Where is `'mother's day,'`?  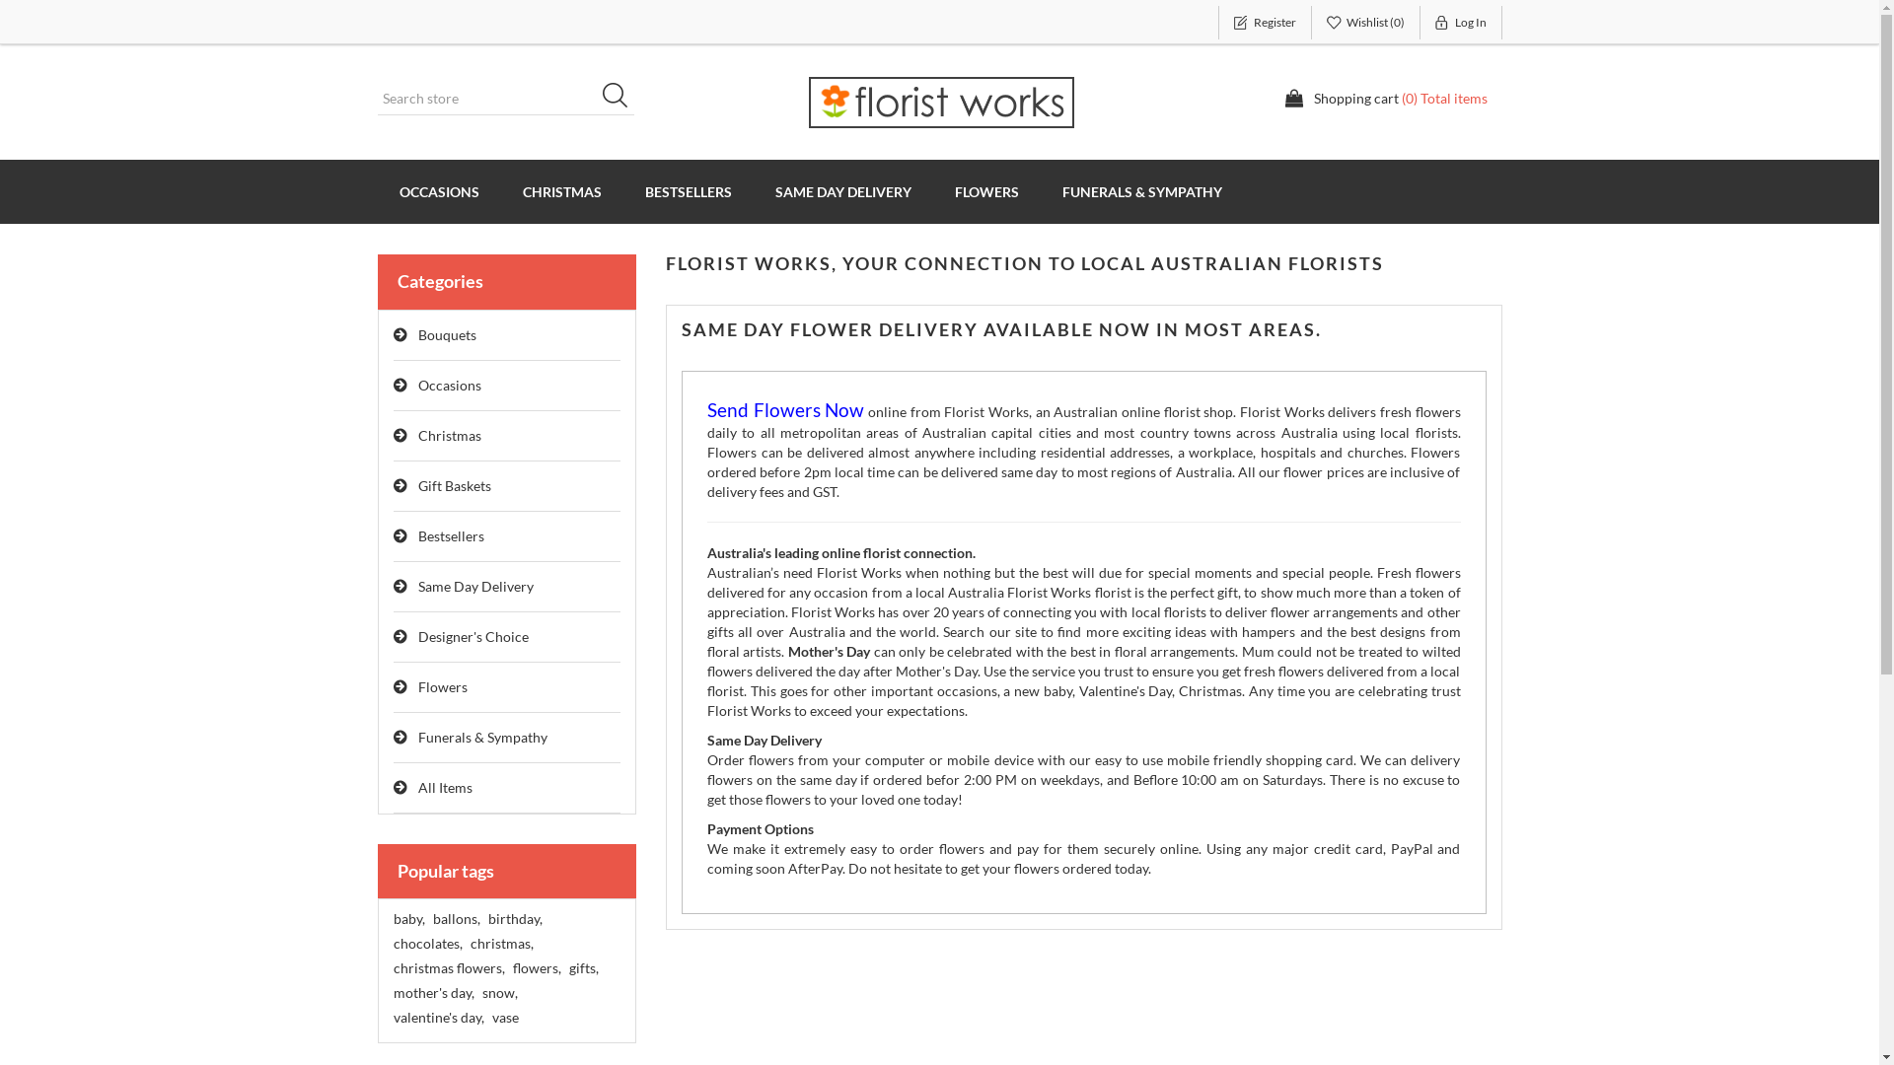
'mother's day,' is located at coordinates (431, 992).